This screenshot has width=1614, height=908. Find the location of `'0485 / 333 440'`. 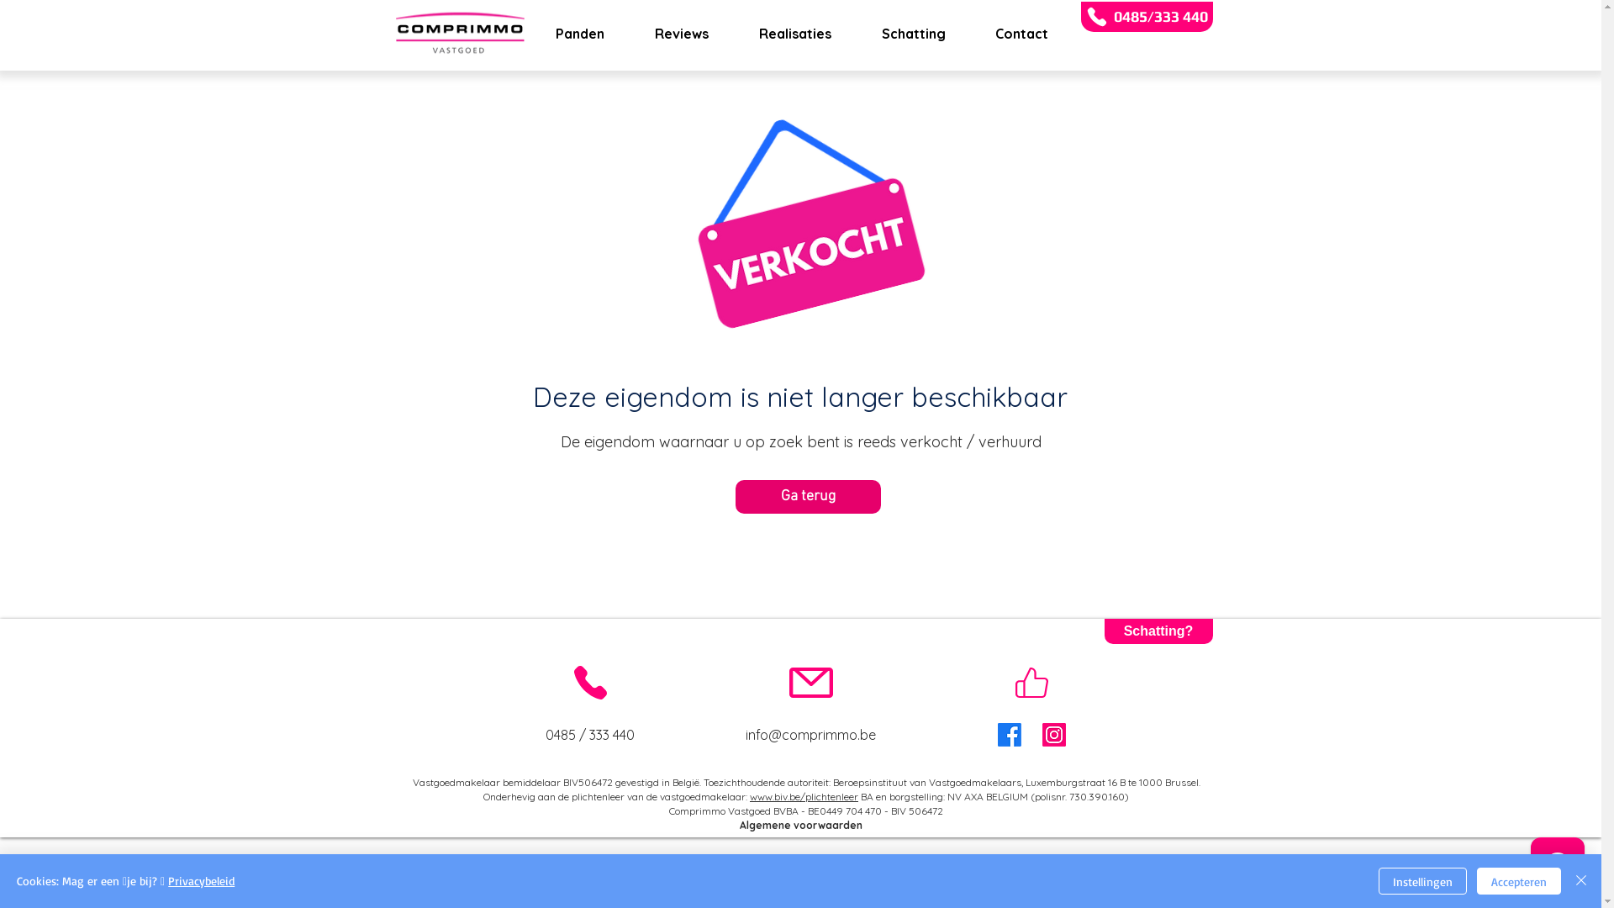

'0485 / 333 440' is located at coordinates (589, 734).